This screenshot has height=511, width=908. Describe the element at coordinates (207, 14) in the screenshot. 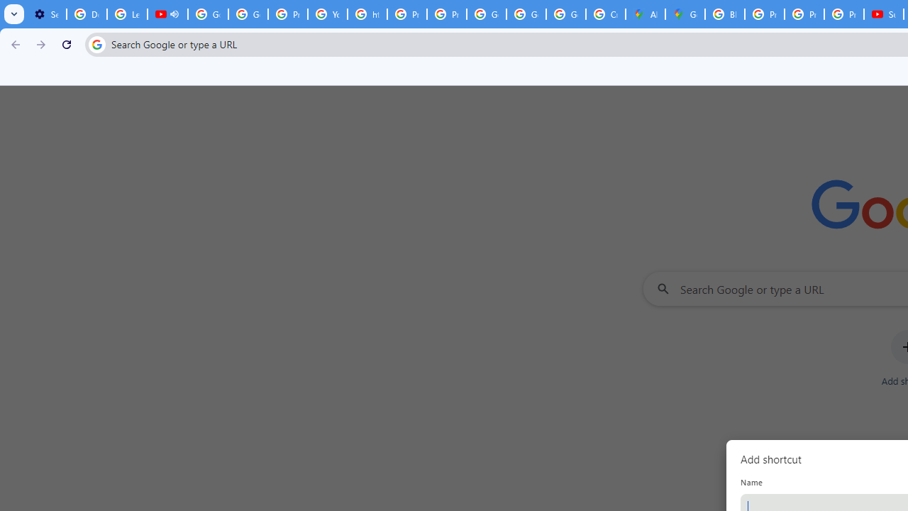

I see `'Google Account Help'` at that location.